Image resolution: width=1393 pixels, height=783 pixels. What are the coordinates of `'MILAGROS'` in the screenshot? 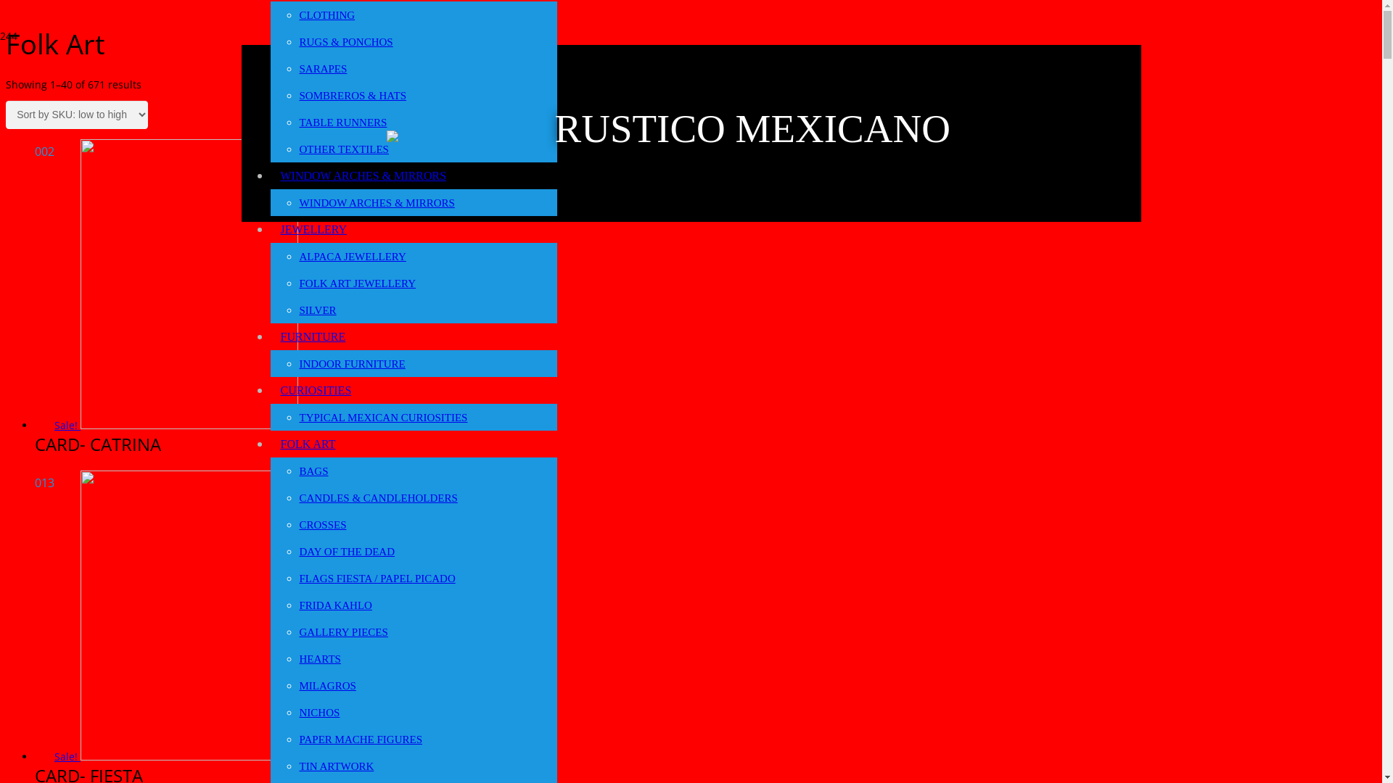 It's located at (326, 685).